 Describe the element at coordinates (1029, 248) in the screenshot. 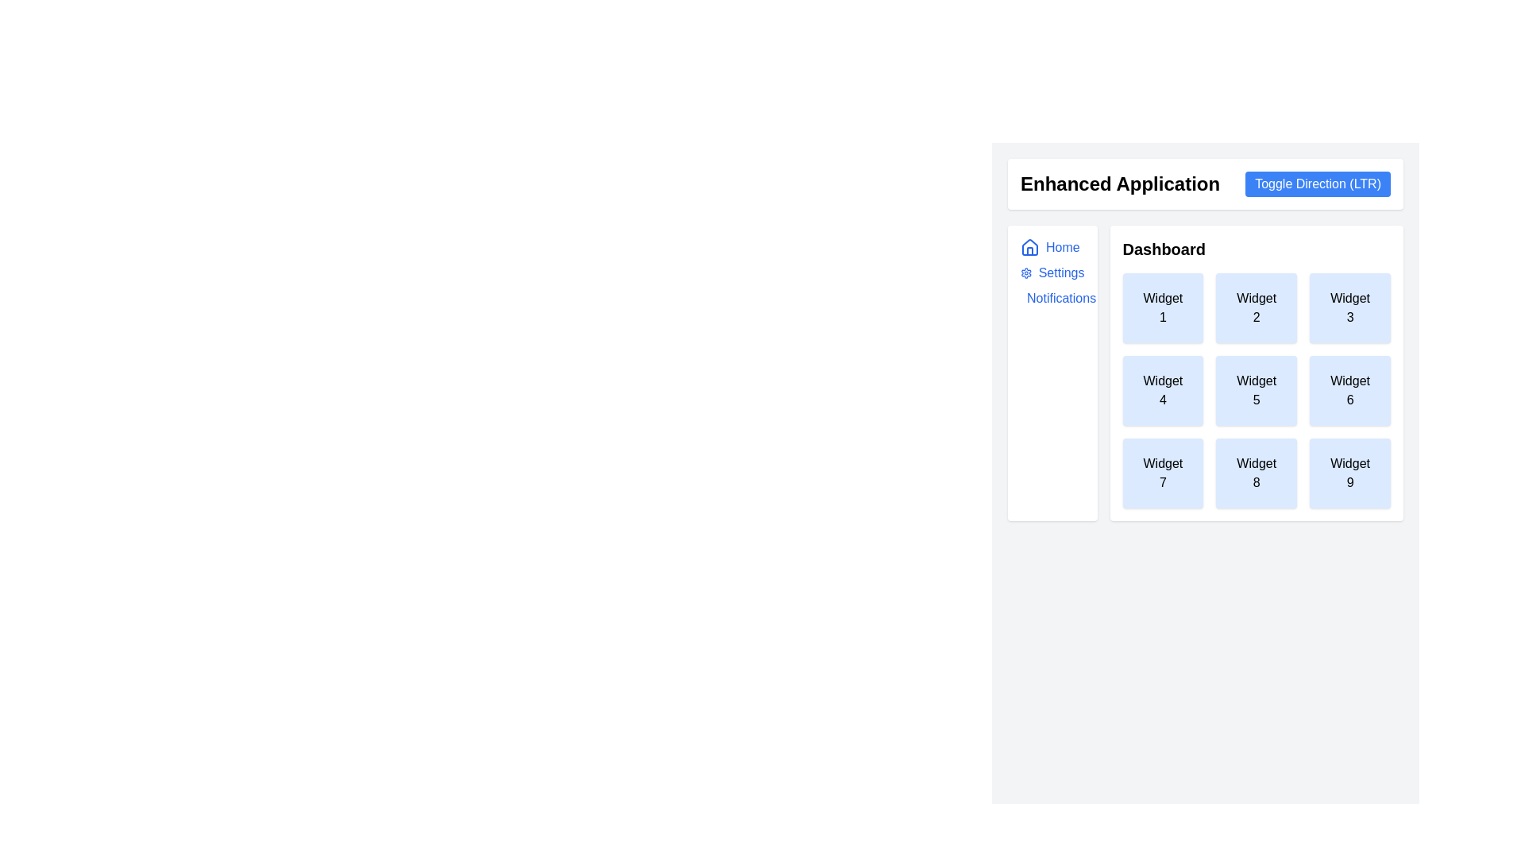

I see `the 'Home' icon located at the top-left corner of the navigation menu, which is represented by a house icon` at that location.